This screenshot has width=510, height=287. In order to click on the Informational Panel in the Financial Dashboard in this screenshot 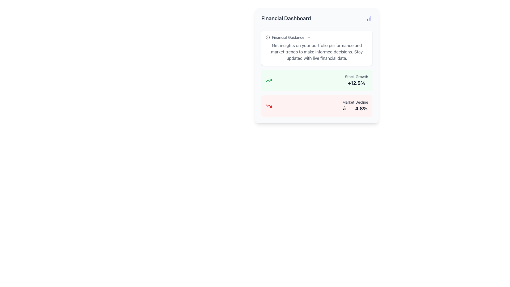, I will do `click(317, 48)`.